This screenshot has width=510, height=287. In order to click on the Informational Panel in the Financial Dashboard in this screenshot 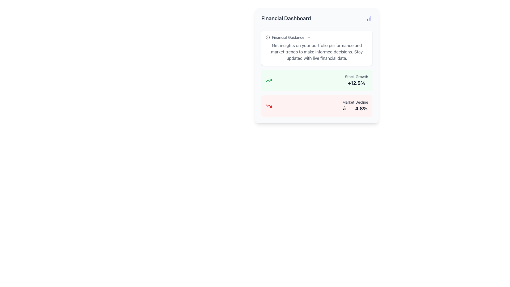, I will do `click(317, 48)`.